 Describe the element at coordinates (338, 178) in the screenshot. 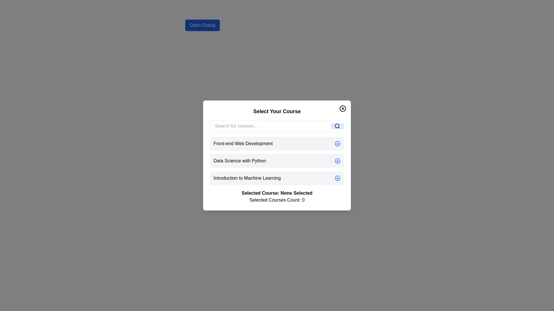

I see `the decorative circle element within the icon, which features a downward arrow and is located to the far right of the 'Introduction to Machine Learning' option` at that location.